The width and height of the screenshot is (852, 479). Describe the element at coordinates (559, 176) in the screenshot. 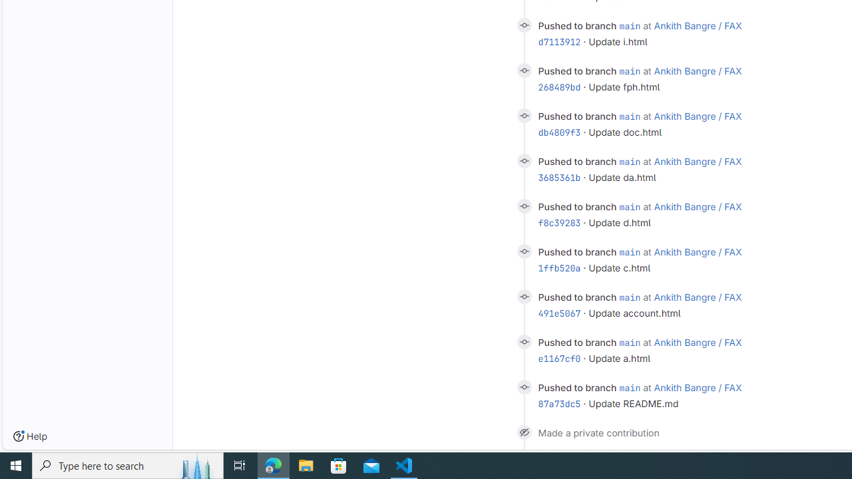

I see `'3685361b'` at that location.